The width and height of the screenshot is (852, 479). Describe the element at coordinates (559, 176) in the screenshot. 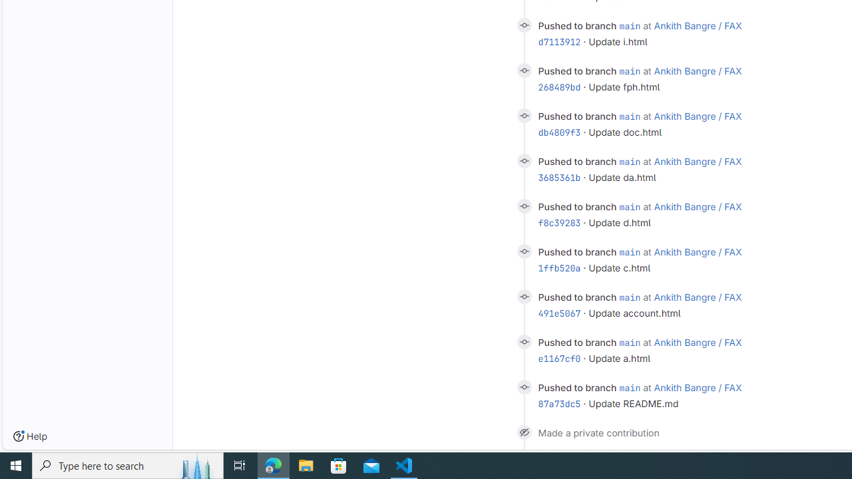

I see `'3685361b'` at that location.